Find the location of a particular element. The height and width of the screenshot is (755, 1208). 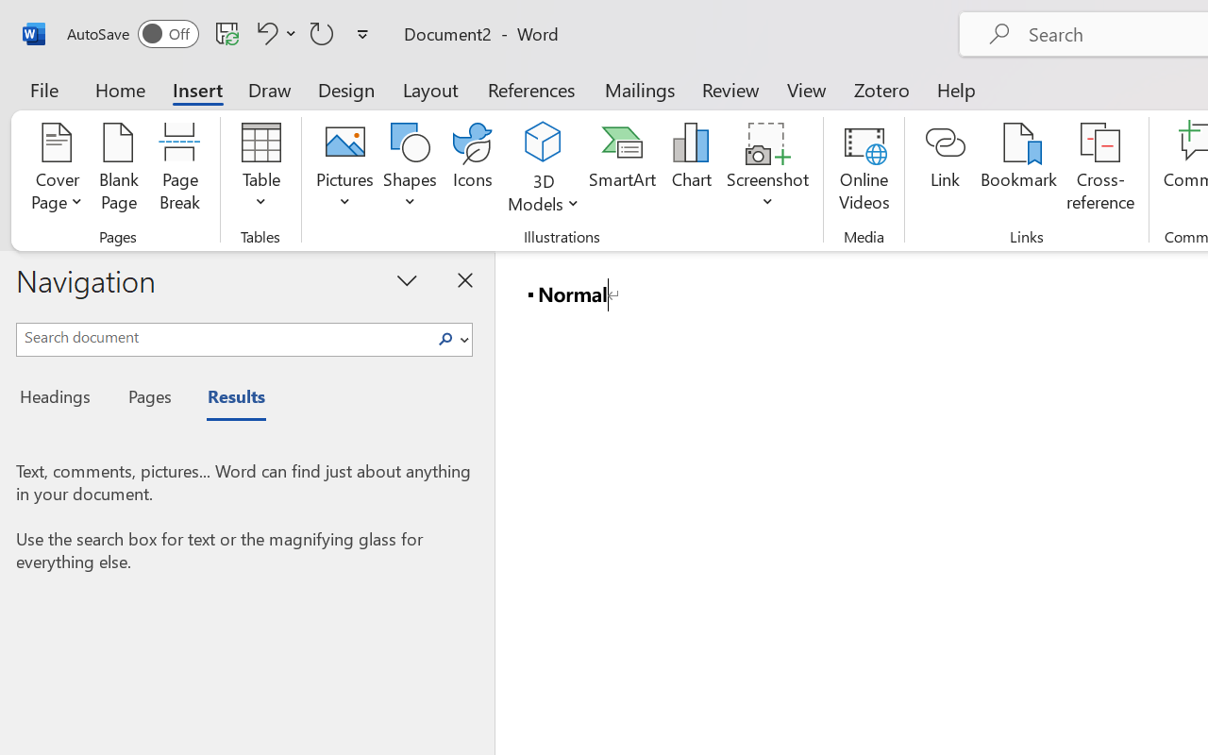

'Search' is located at coordinates (450, 340).